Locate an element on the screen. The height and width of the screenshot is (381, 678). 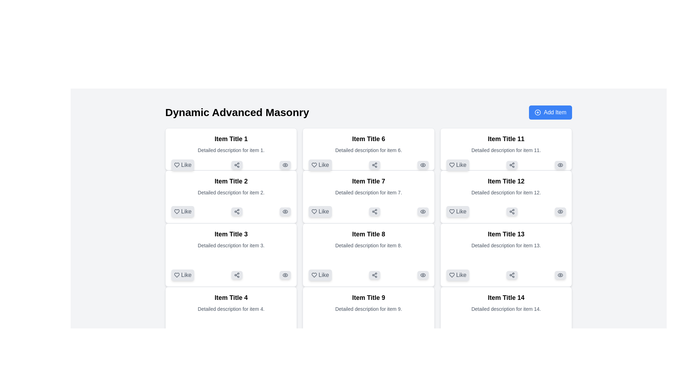
detailed description text located directly beneath the heading 'Item Title 2' in the second item card of the masonry layout is located at coordinates (231, 193).